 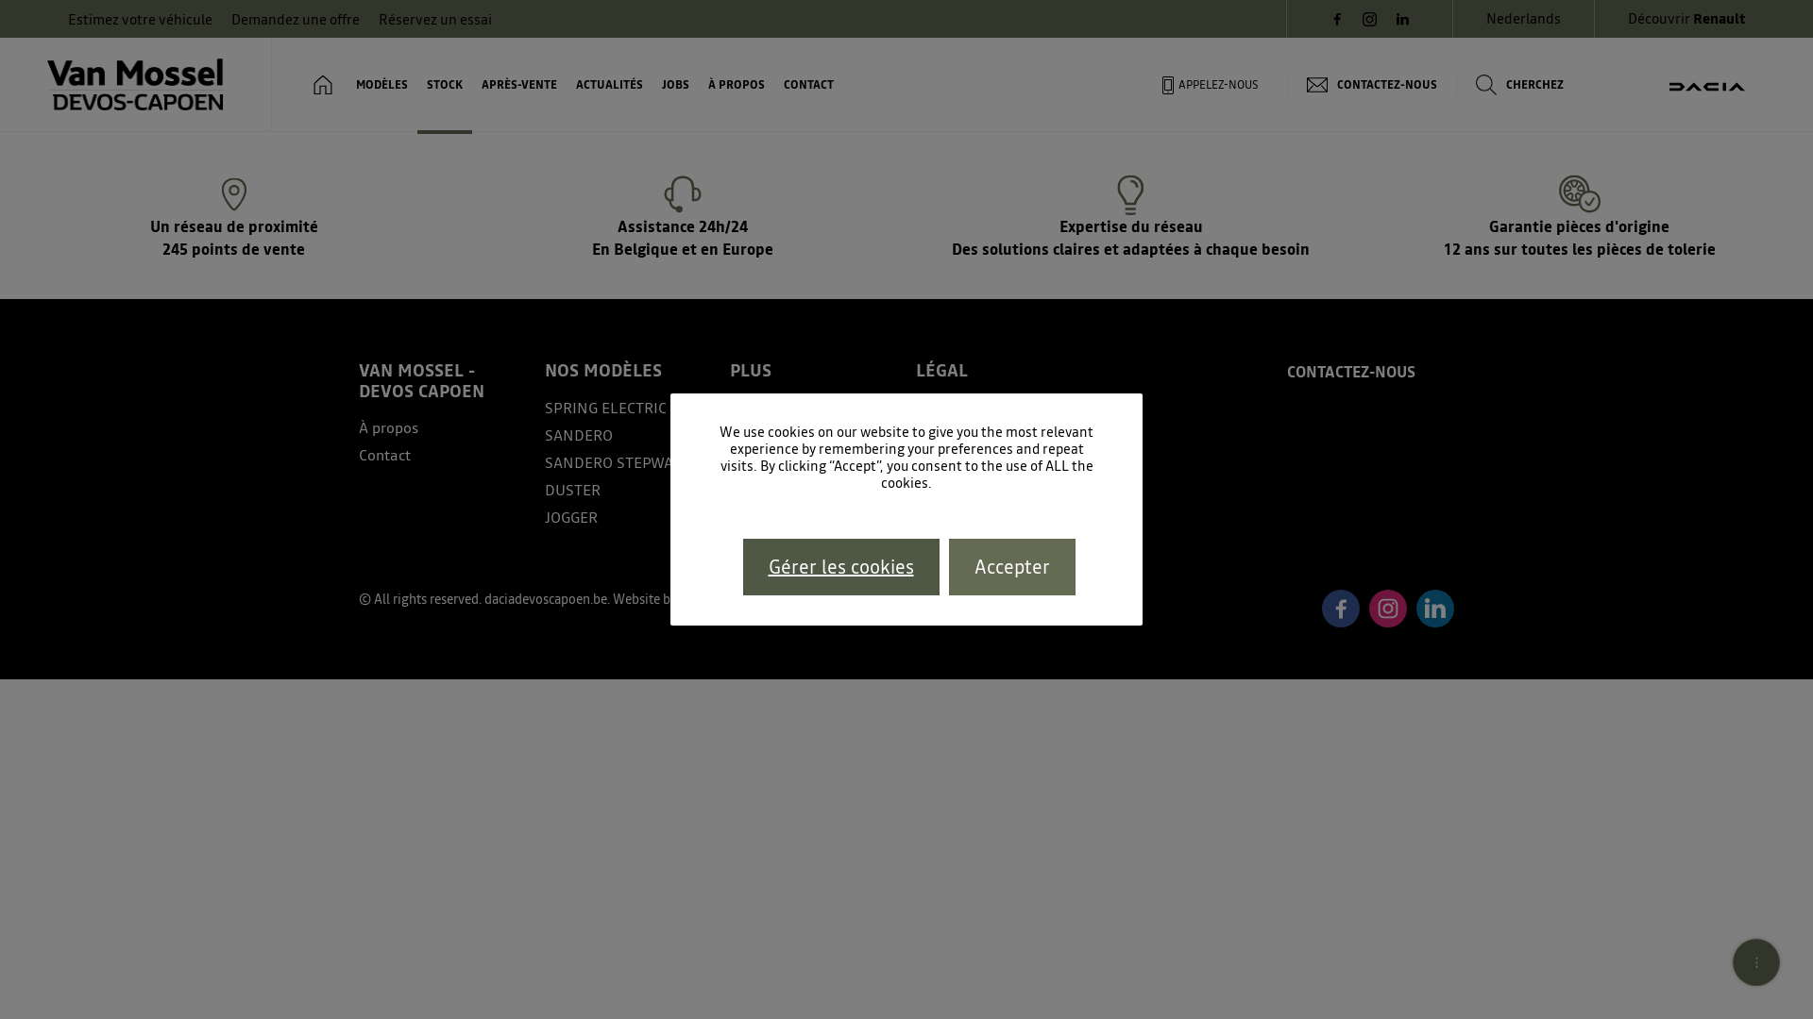 What do you see at coordinates (808, 83) in the screenshot?
I see `'CONTACT'` at bounding box center [808, 83].